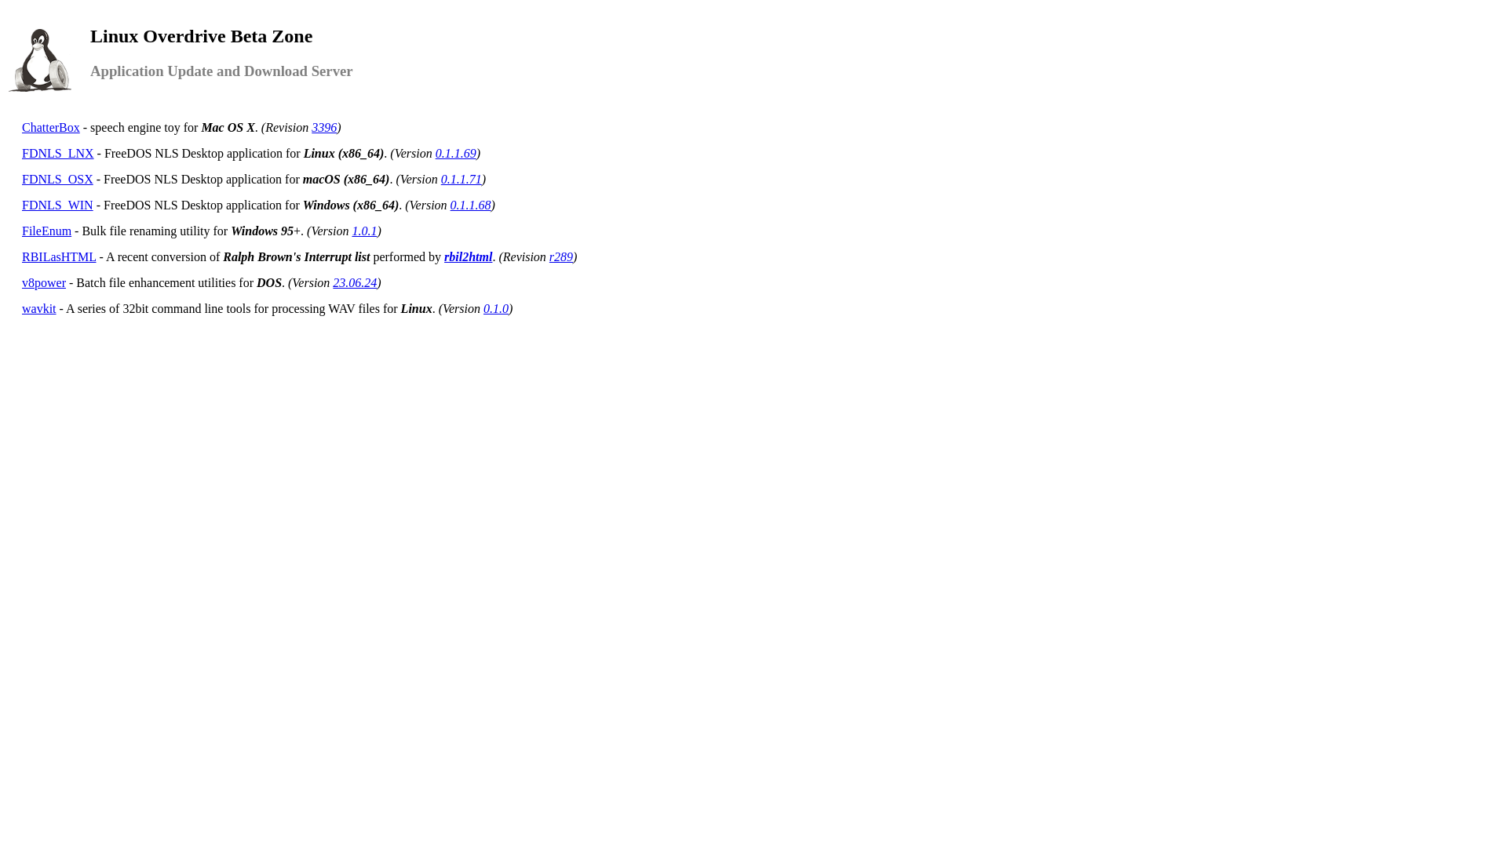 This screenshot has width=1507, height=847. I want to click on 'FDNLS_LNX', so click(57, 153).